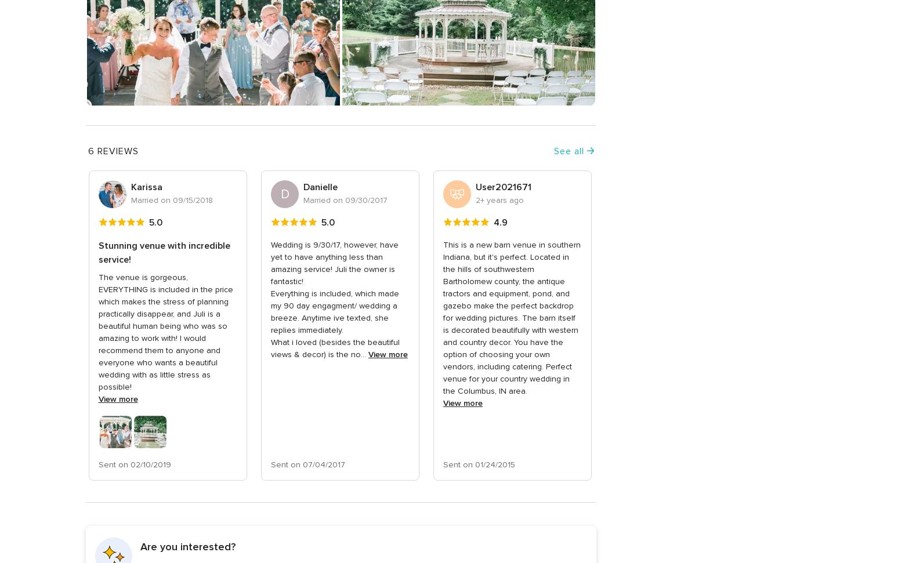 The image size is (923, 563). What do you see at coordinates (284, 194) in the screenshot?
I see `'D'` at bounding box center [284, 194].